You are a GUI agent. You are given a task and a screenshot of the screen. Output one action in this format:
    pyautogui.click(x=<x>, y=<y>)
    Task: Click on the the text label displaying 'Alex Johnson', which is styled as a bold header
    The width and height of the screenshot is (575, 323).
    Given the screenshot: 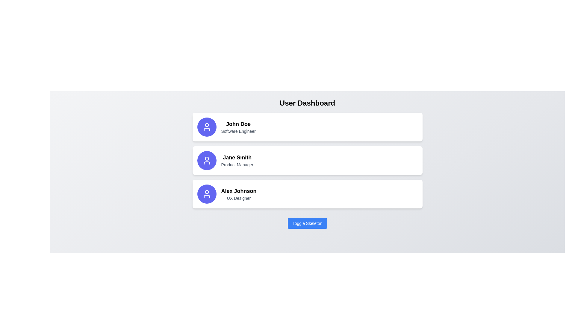 What is the action you would take?
    pyautogui.click(x=238, y=191)
    